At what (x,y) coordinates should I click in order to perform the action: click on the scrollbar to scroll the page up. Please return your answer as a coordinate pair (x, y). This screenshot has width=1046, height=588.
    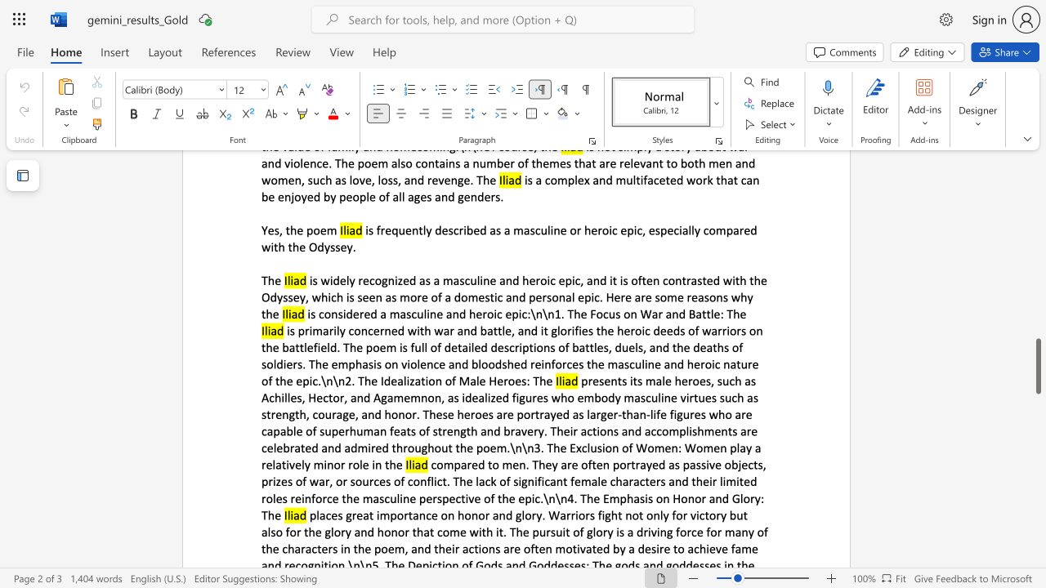
    Looking at the image, I should click on (1037, 276).